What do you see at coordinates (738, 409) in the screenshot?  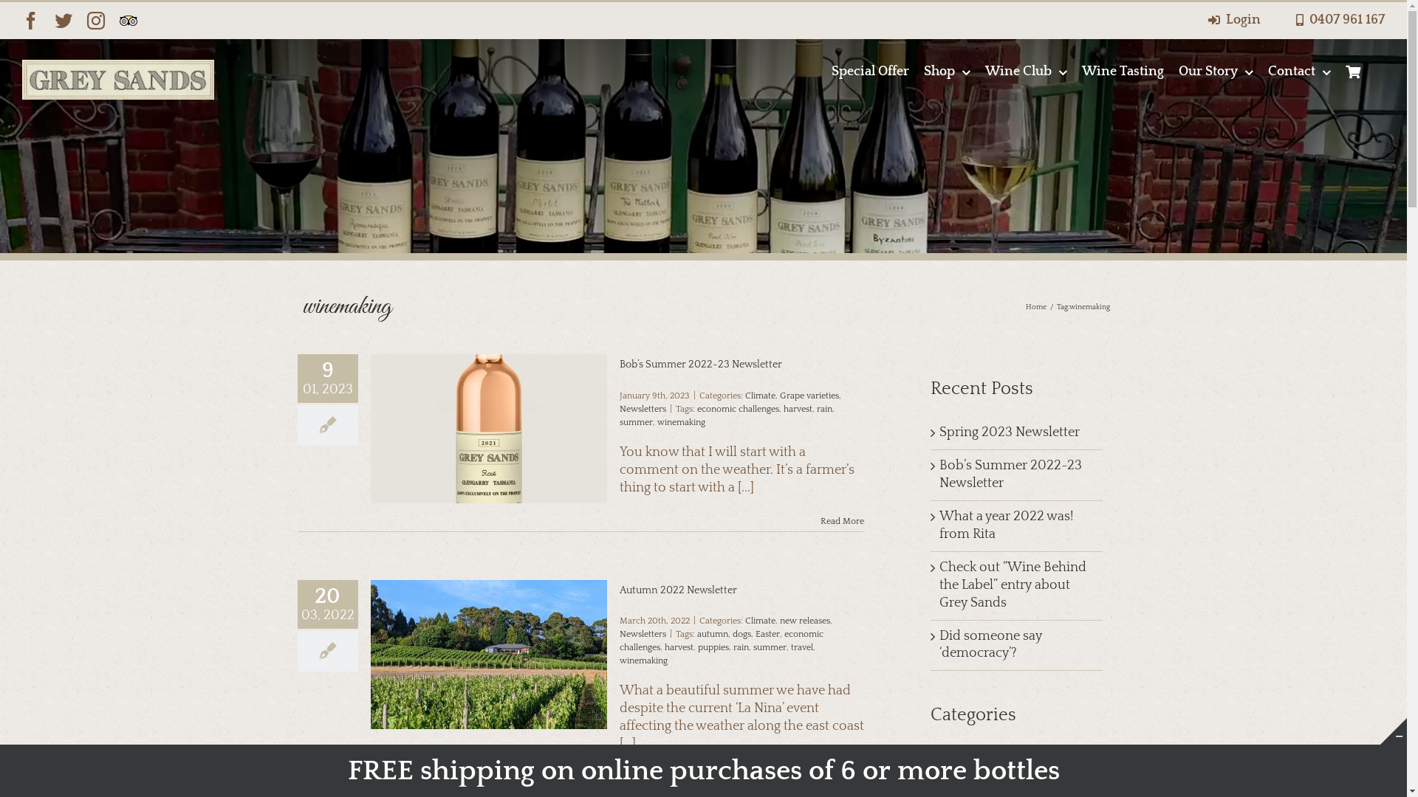 I see `'economic challenges'` at bounding box center [738, 409].